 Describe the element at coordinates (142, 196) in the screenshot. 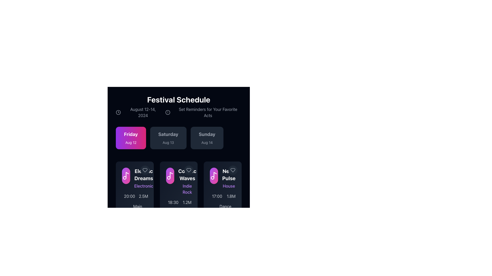

I see `the text label displaying the number of attendees or popularity index, located below the time display '20:00' in the 'Electronic Dreams' card` at that location.